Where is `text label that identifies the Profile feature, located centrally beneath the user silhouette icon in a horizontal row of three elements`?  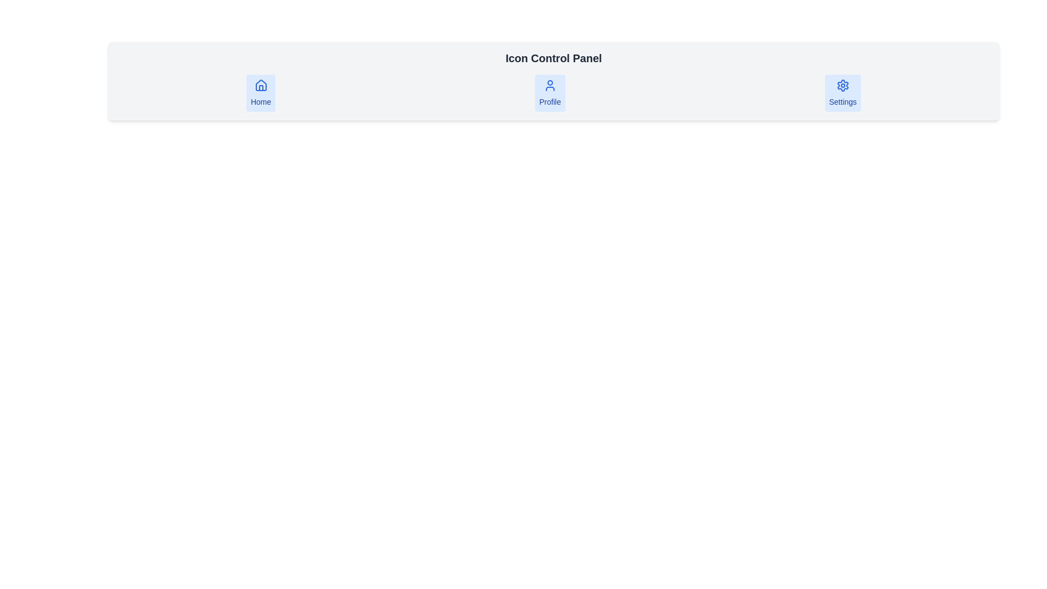 text label that identifies the Profile feature, located centrally beneath the user silhouette icon in a horizontal row of three elements is located at coordinates (550, 101).